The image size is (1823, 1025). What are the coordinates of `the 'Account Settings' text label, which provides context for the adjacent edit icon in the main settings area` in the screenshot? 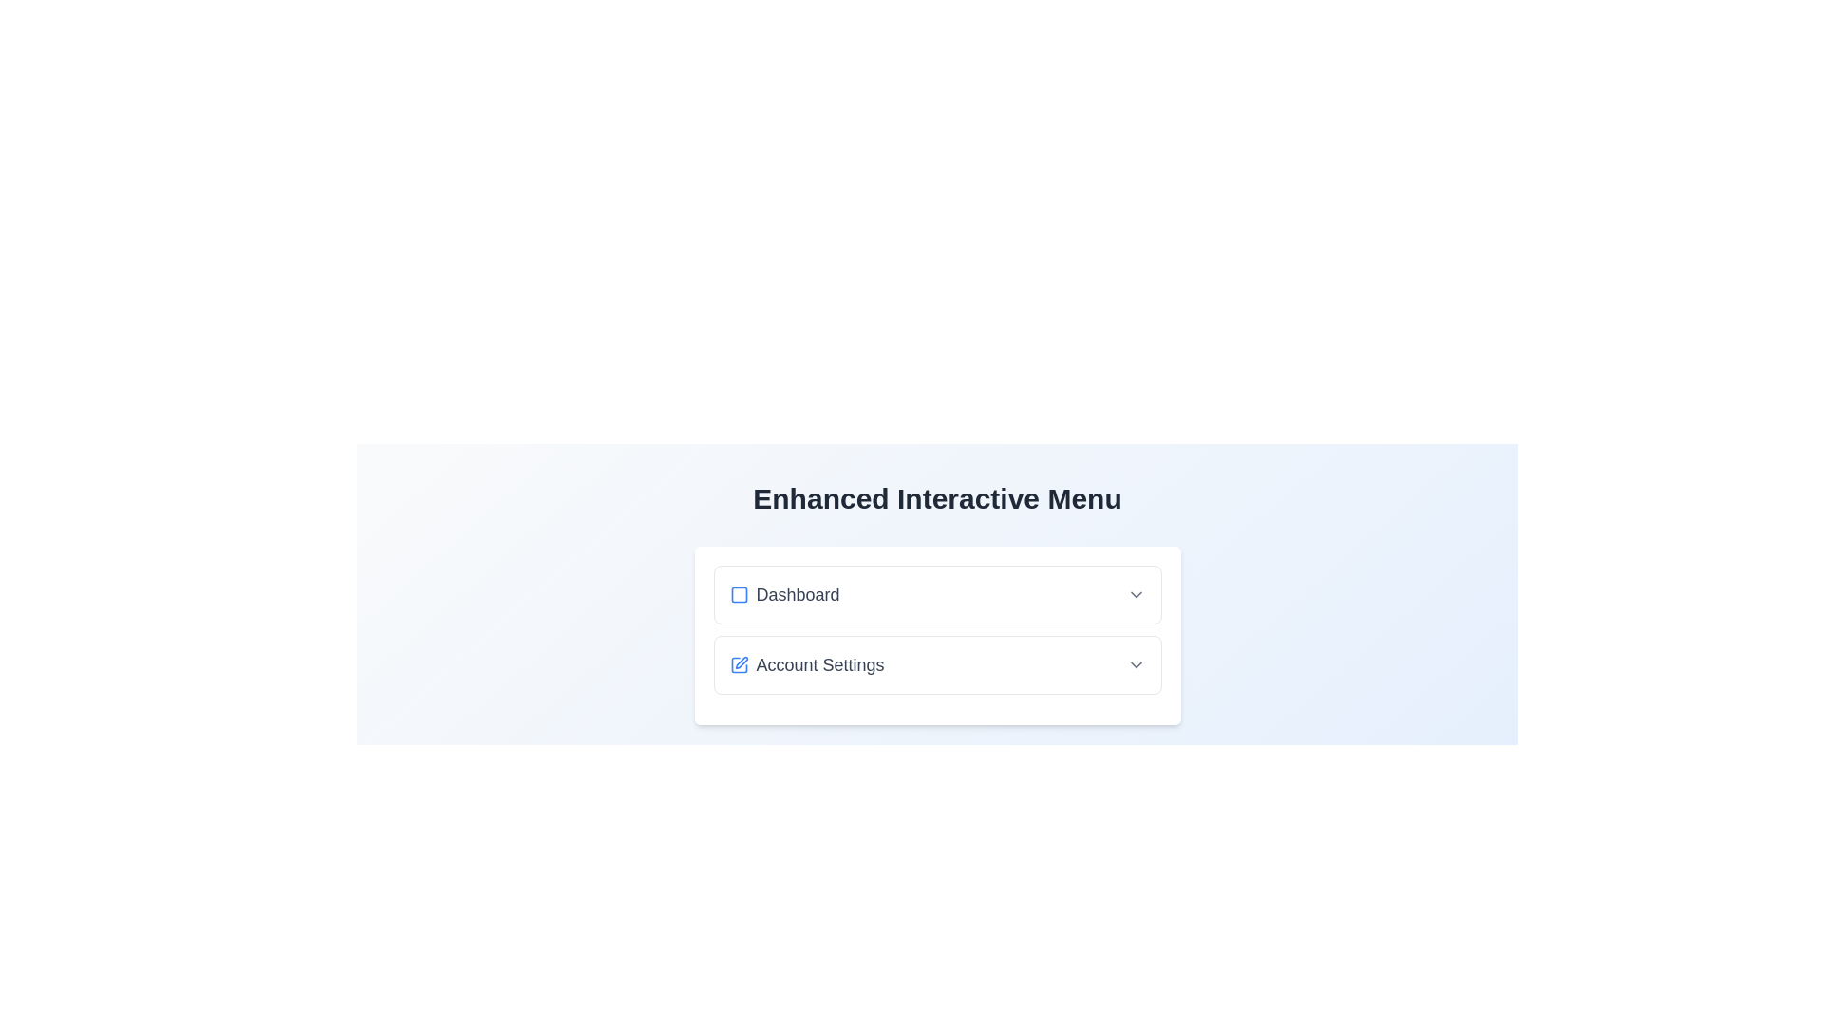 It's located at (820, 664).